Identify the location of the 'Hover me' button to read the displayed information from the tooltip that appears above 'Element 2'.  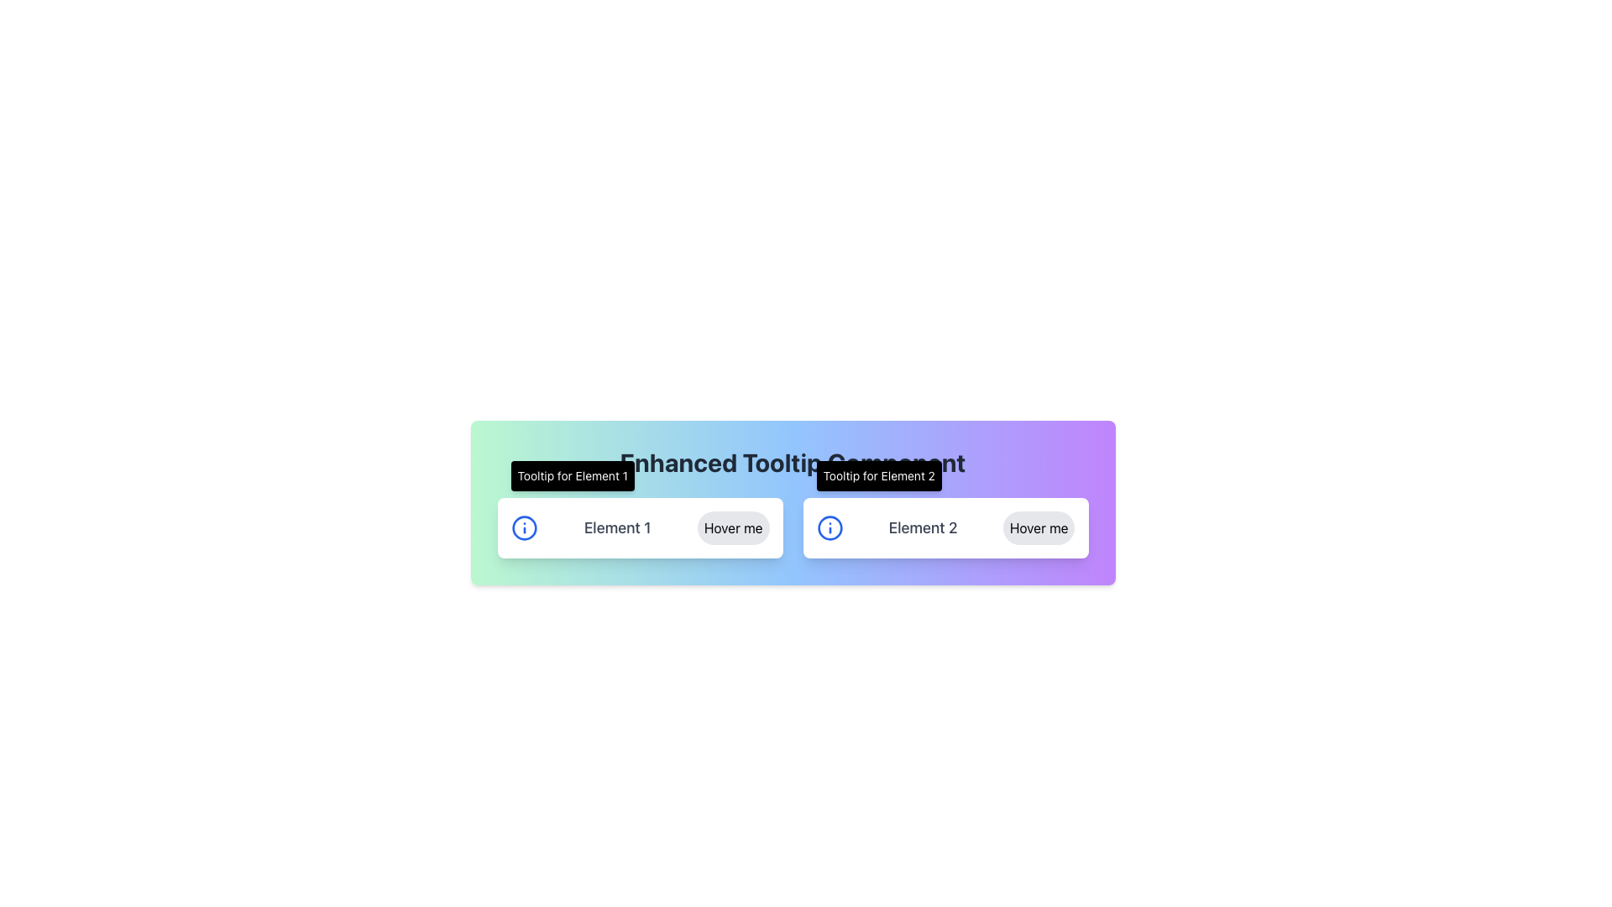
(878, 476).